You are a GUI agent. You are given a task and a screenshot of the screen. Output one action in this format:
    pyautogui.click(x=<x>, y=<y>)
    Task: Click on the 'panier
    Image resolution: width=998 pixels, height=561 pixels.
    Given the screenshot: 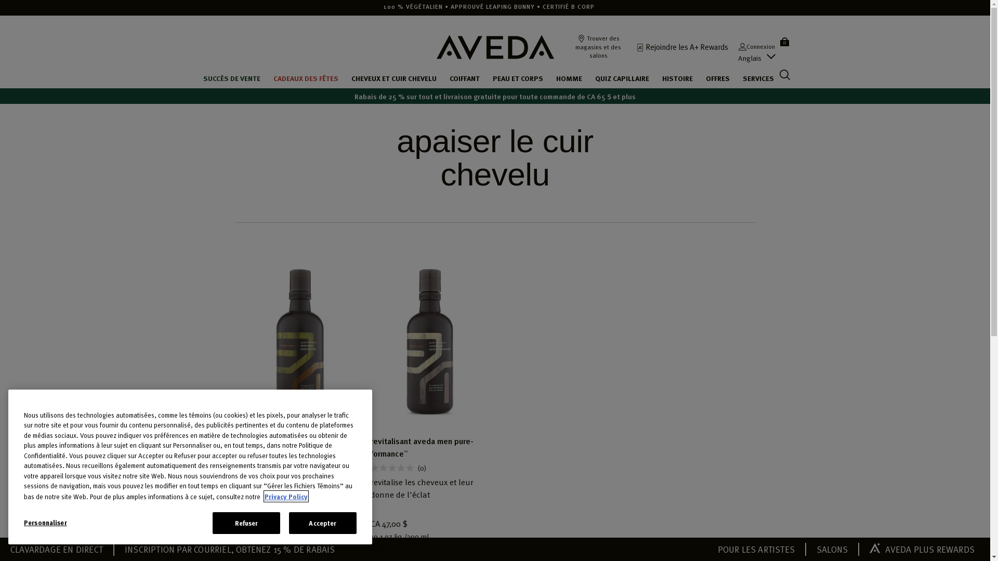 What is the action you would take?
    pyautogui.click(x=779, y=40)
    